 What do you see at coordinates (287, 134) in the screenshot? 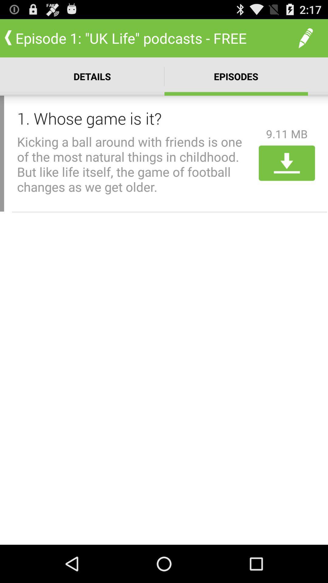
I see `the icon next to the 1 whose game app` at bounding box center [287, 134].